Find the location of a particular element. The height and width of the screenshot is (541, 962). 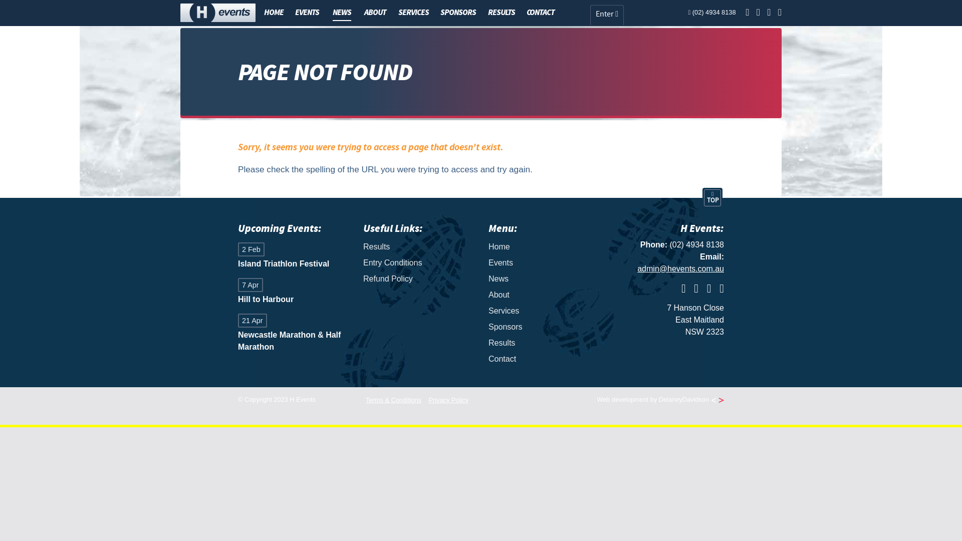

'CONTACT' is located at coordinates (540, 12).